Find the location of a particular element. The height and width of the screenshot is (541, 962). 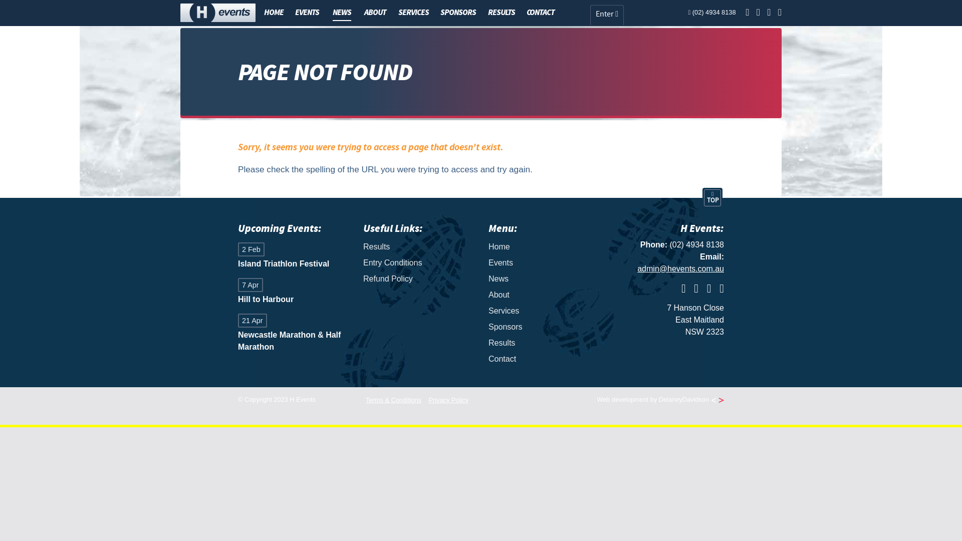

'CONTACT' is located at coordinates (540, 12).